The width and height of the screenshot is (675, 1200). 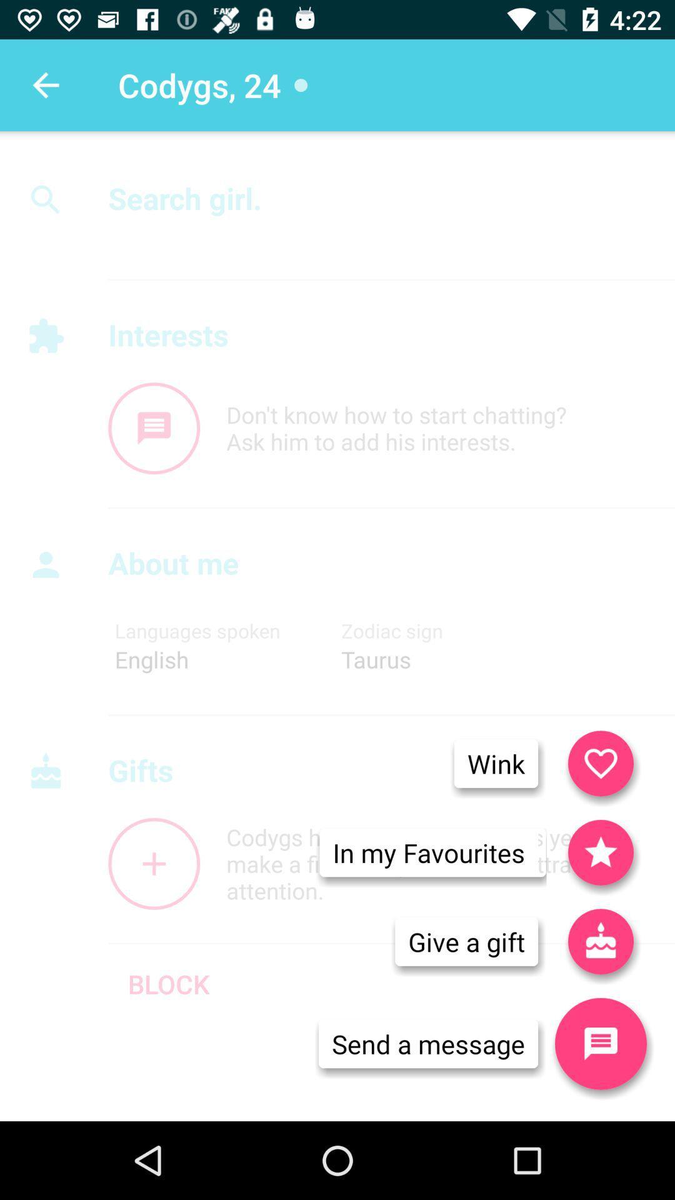 What do you see at coordinates (600, 762) in the screenshot?
I see `the item to the right of wink item` at bounding box center [600, 762].